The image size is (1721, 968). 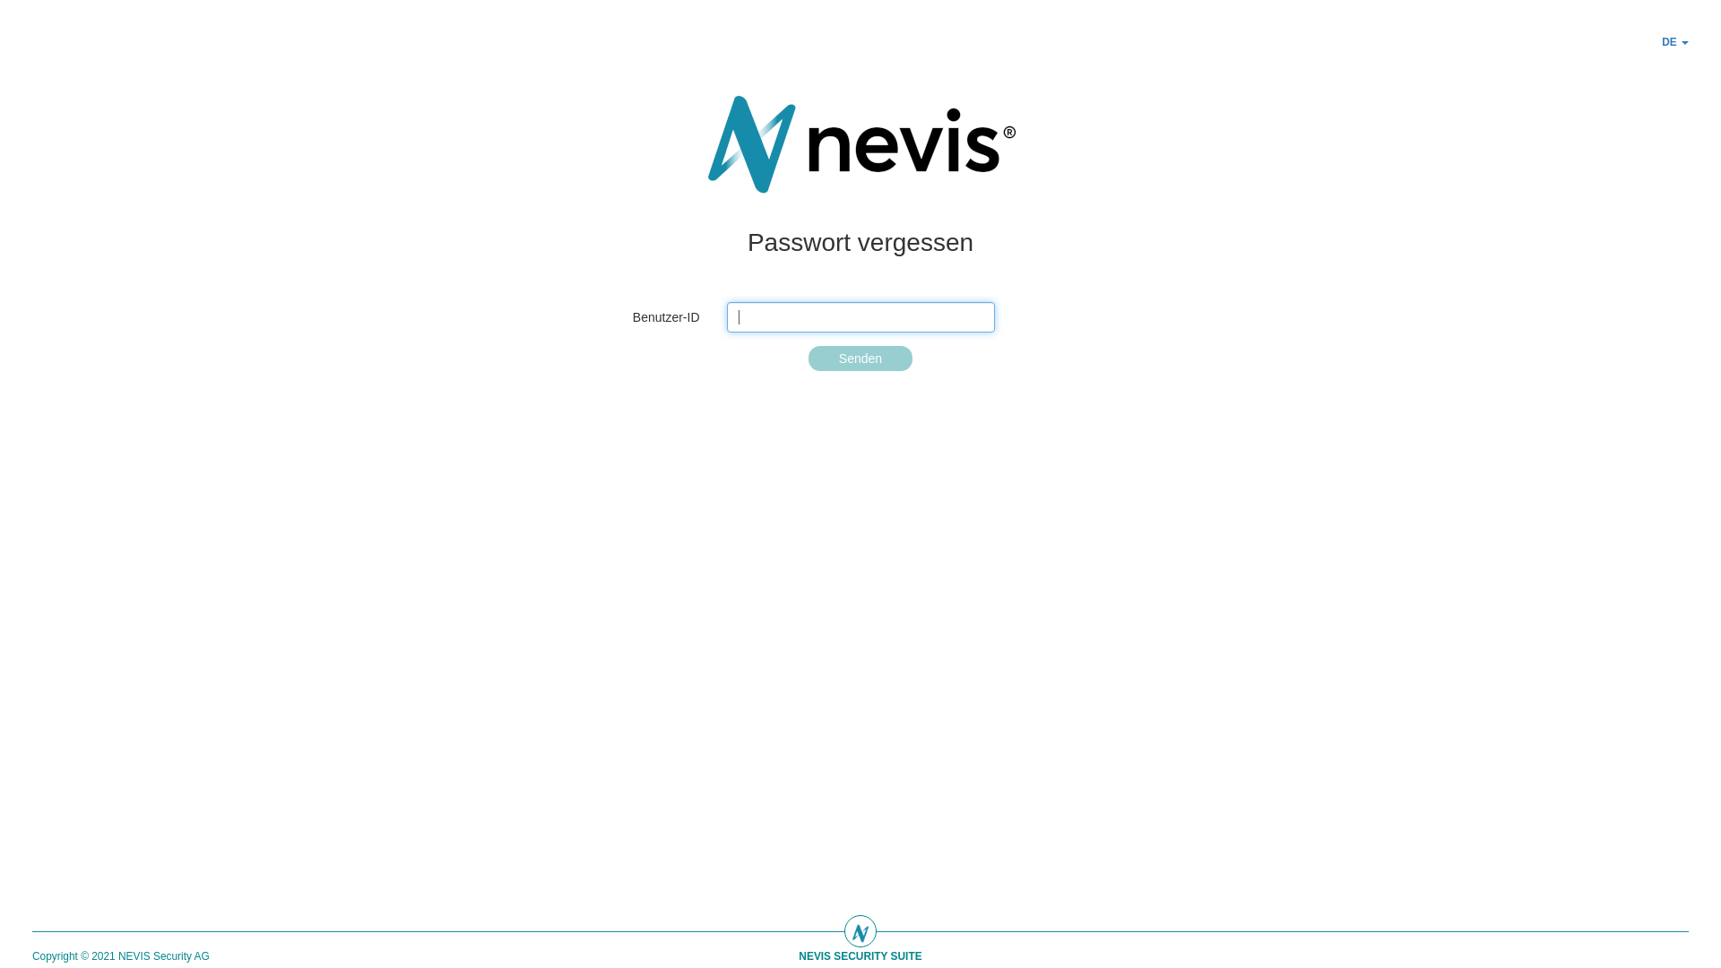 What do you see at coordinates (860, 359) in the screenshot?
I see `'Senden'` at bounding box center [860, 359].